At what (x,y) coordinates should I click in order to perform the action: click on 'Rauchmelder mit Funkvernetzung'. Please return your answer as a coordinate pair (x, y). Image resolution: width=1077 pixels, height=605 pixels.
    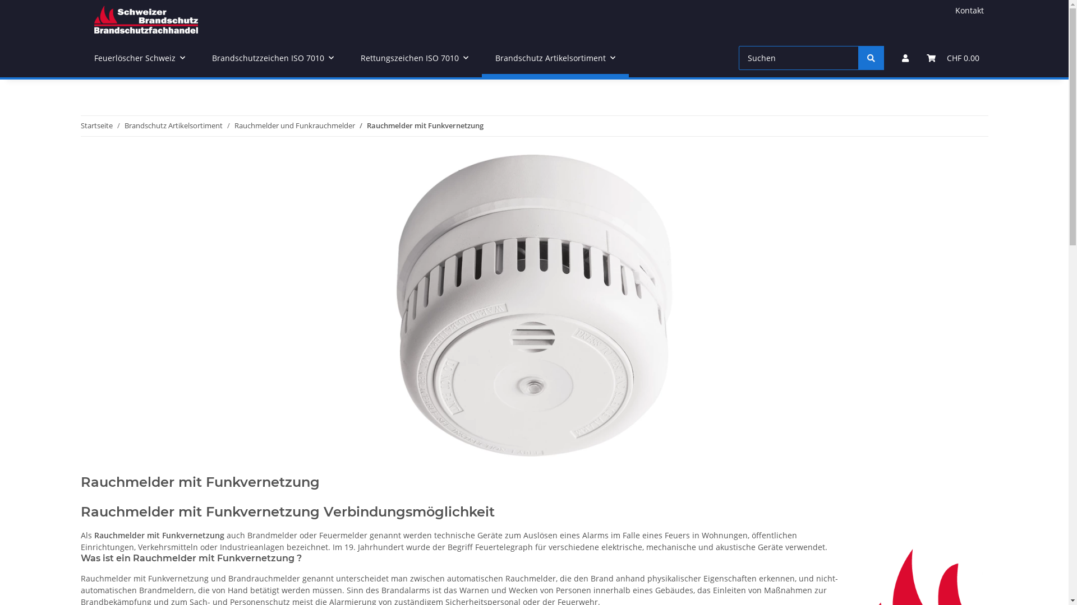
    Looking at the image, I should click on (425, 125).